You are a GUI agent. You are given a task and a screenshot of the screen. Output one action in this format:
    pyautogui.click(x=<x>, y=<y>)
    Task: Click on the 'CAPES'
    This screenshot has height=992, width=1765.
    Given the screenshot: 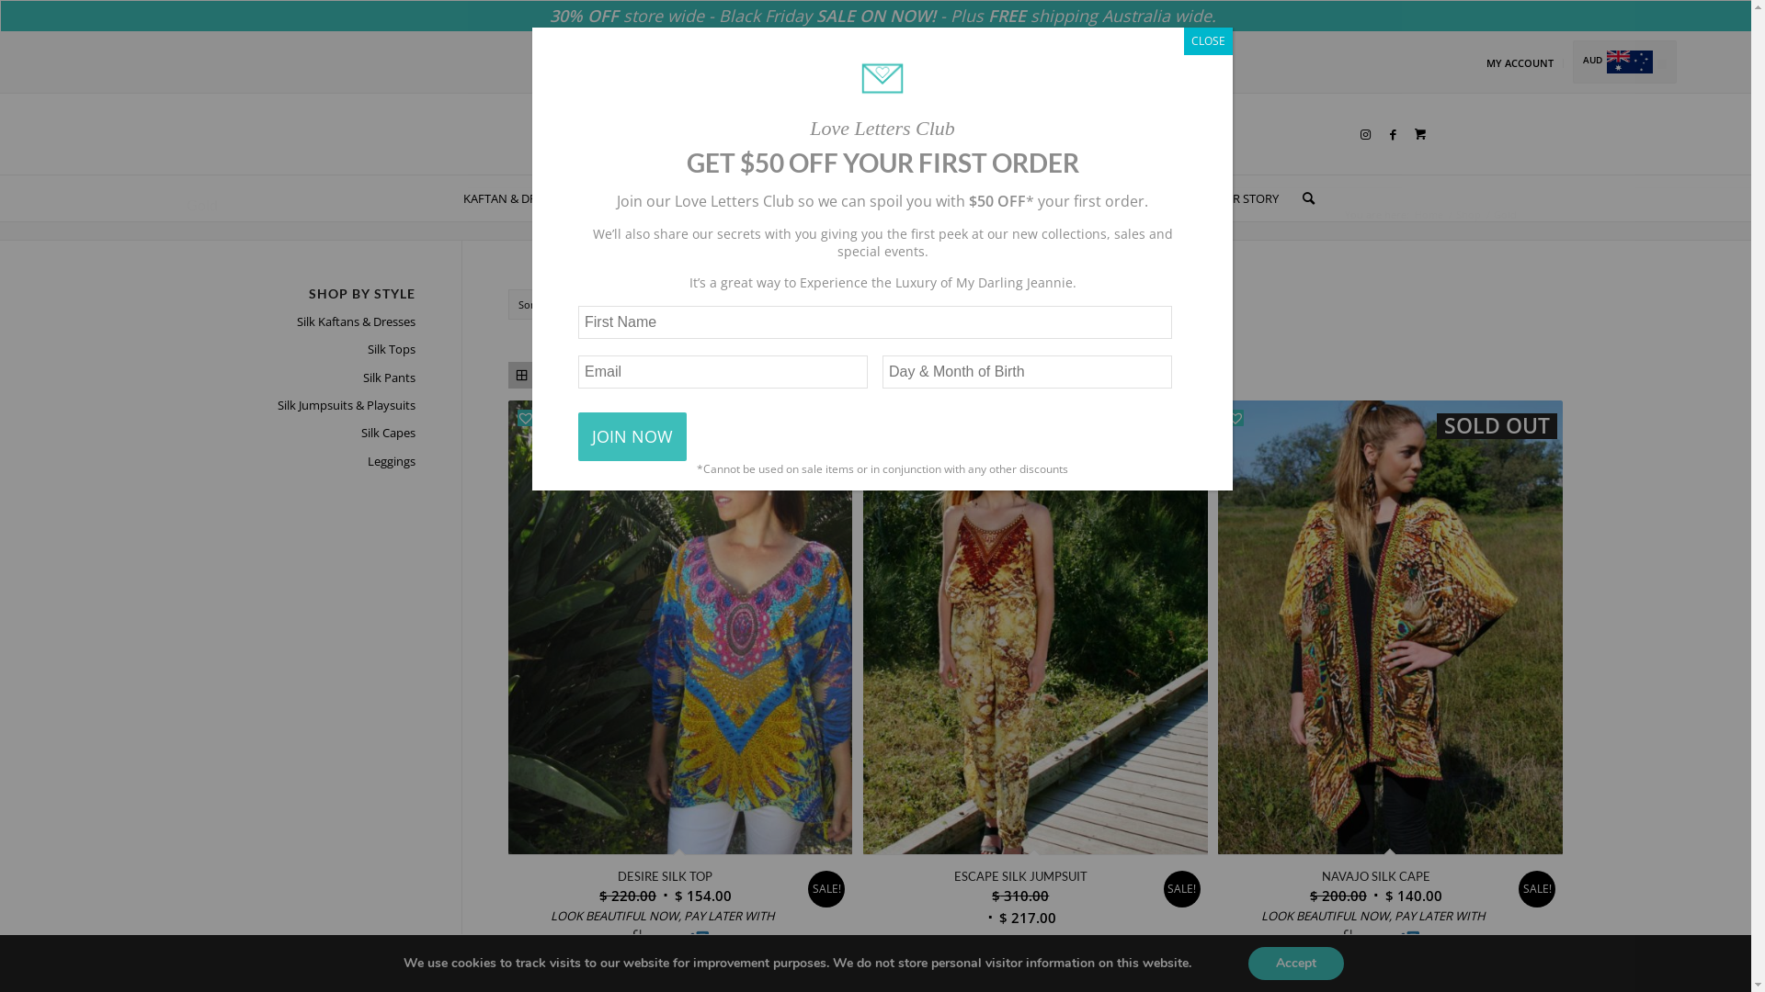 What is the action you would take?
    pyautogui.click(x=872, y=198)
    